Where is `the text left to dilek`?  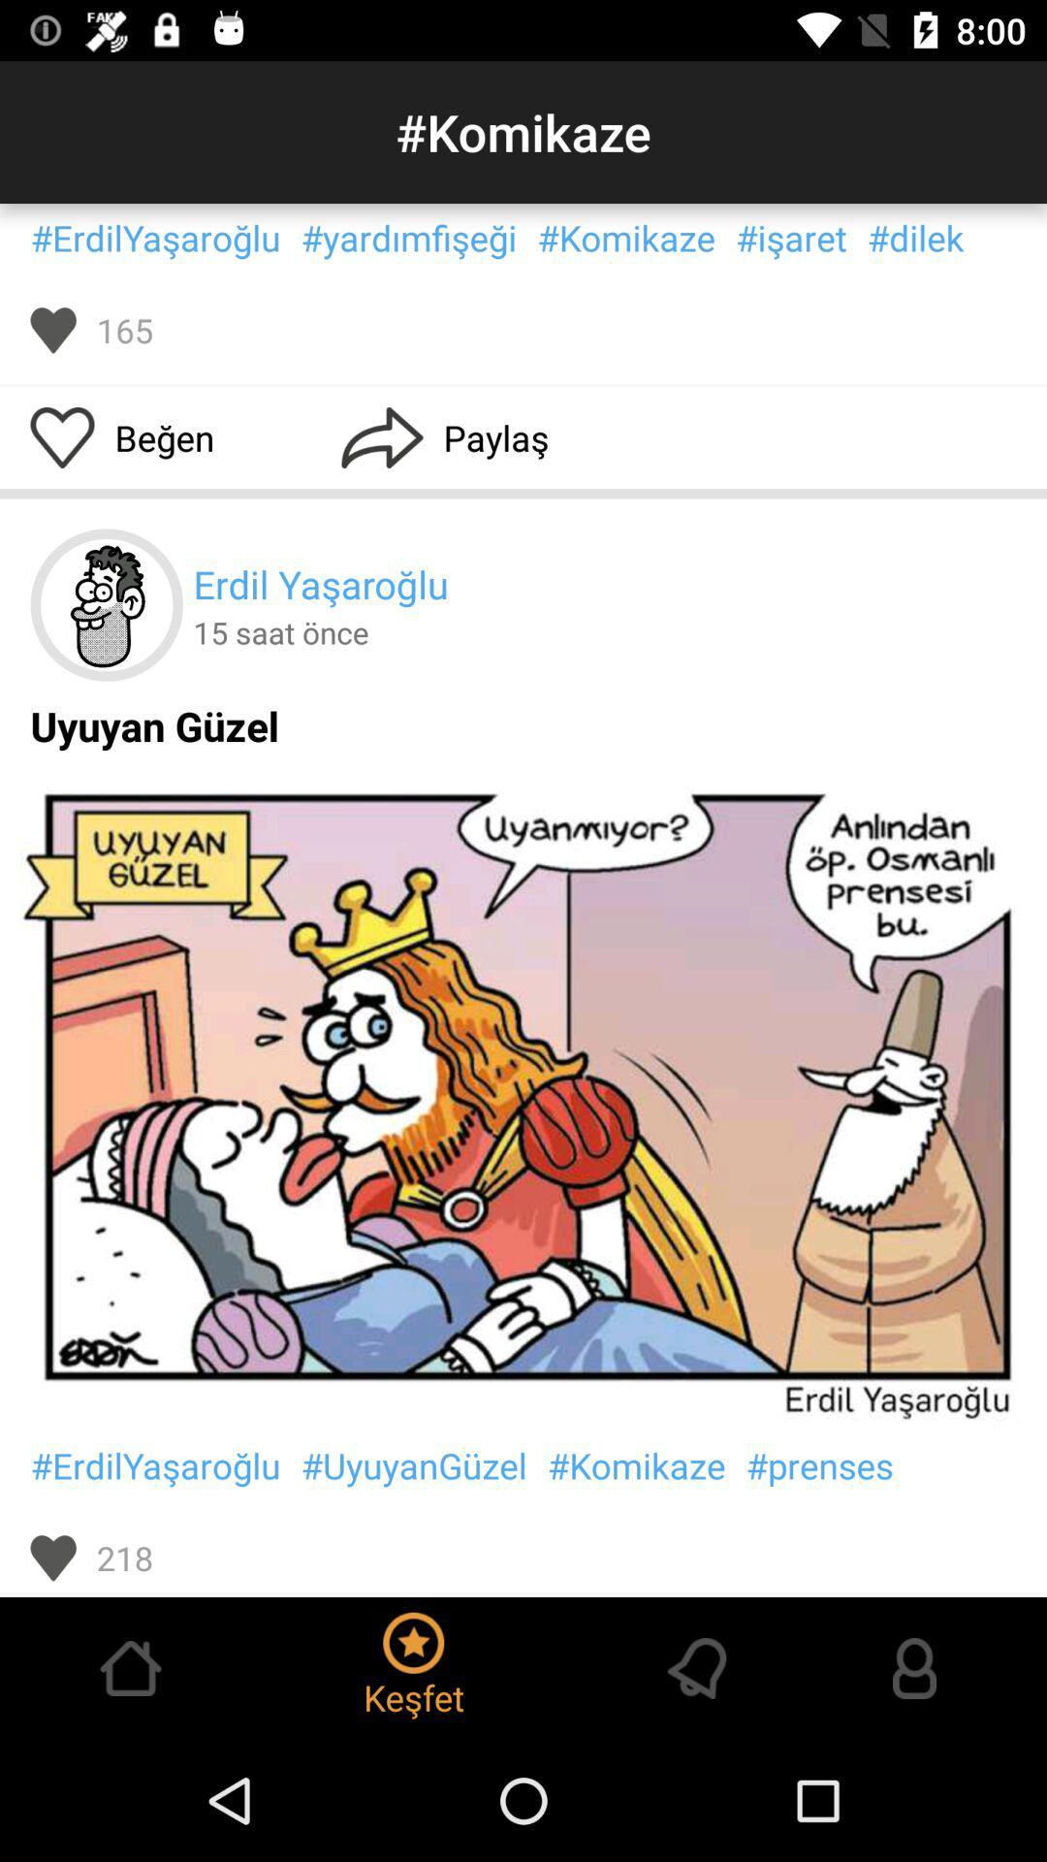
the text left to dilek is located at coordinates (791, 237).